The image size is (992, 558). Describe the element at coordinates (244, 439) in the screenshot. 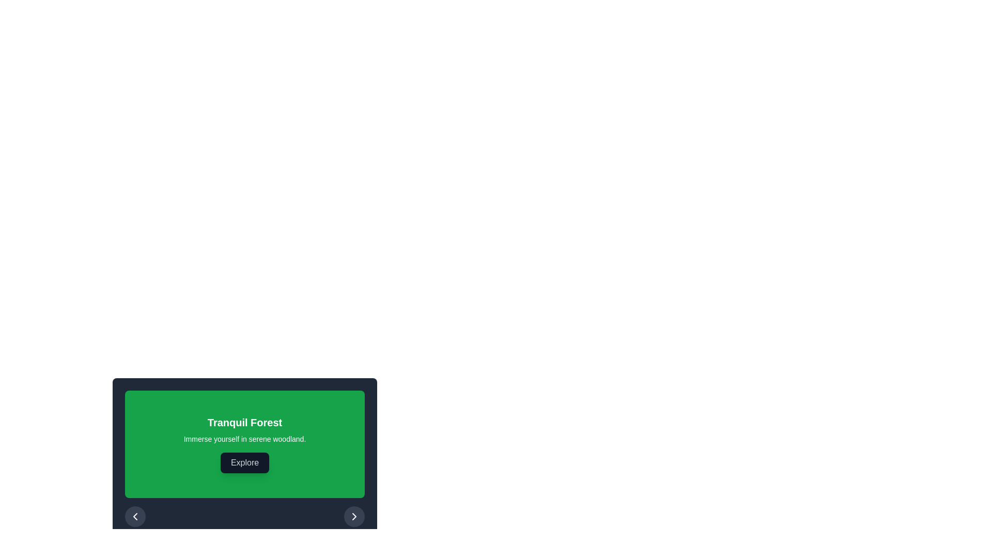

I see `the static text element located beneath the heading 'Tranquil Forest' and above the button labeled 'Explore'` at that location.